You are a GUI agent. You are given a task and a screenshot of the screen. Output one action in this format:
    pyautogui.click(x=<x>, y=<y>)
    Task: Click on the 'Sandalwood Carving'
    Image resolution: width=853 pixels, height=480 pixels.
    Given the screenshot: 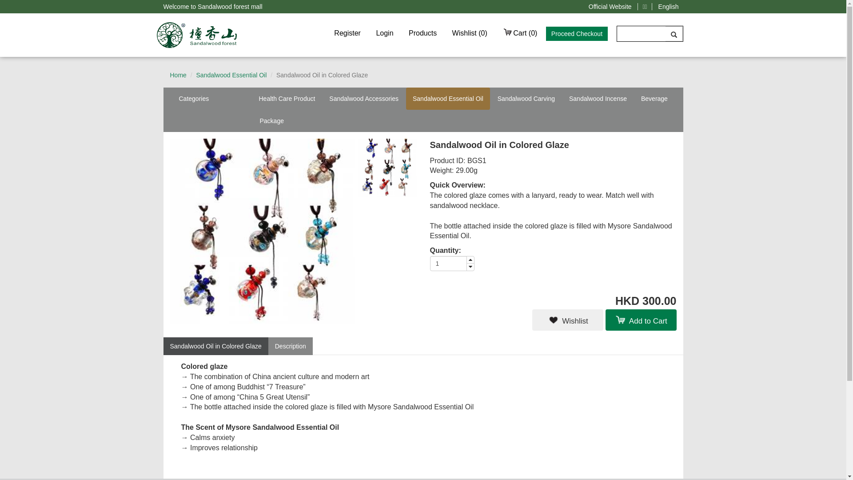 What is the action you would take?
    pyautogui.click(x=526, y=99)
    